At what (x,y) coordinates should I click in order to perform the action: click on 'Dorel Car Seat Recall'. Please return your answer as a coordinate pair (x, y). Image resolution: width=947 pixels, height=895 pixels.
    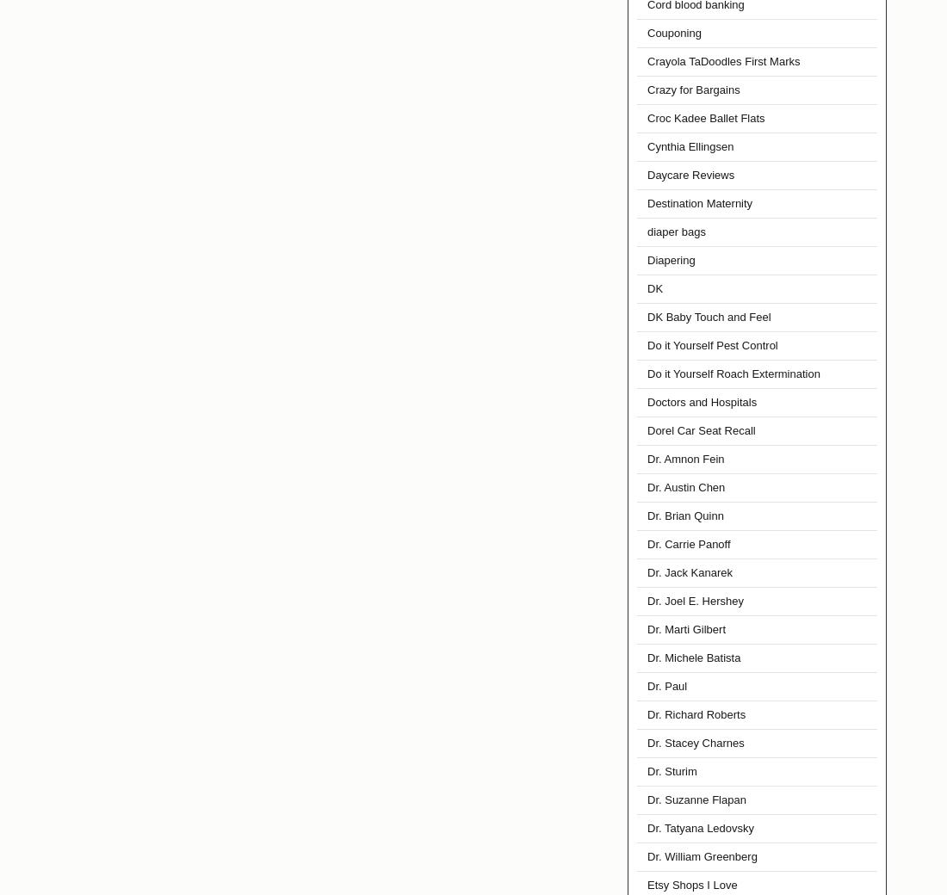
    Looking at the image, I should click on (701, 430).